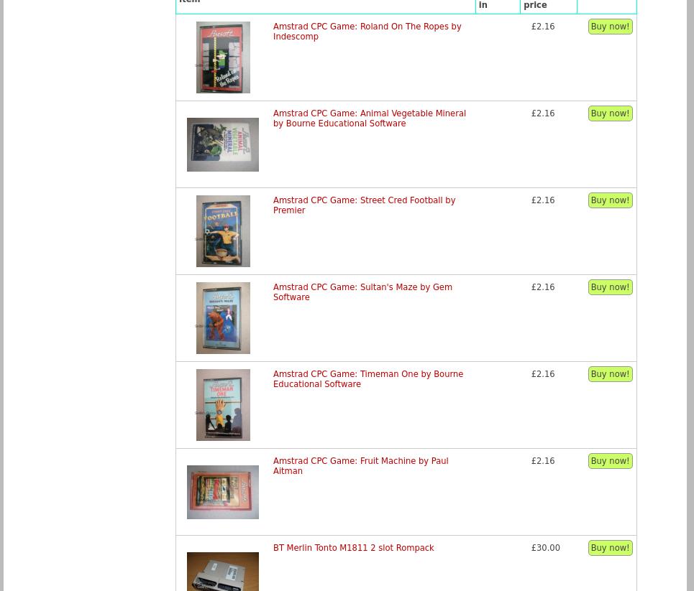  Describe the element at coordinates (353, 546) in the screenshot. I see `'BT Merlin Tonto M1811 2 slot Rompack'` at that location.